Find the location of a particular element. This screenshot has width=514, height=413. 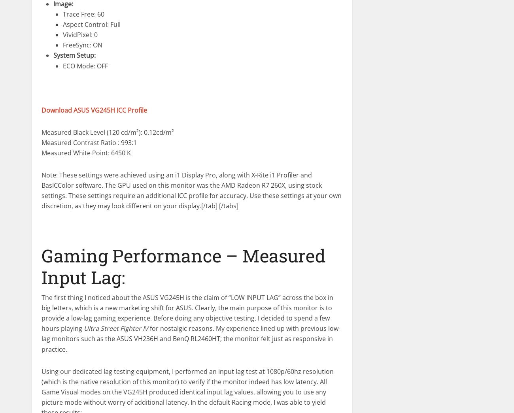

'Aspect Control: Full' is located at coordinates (91, 24).